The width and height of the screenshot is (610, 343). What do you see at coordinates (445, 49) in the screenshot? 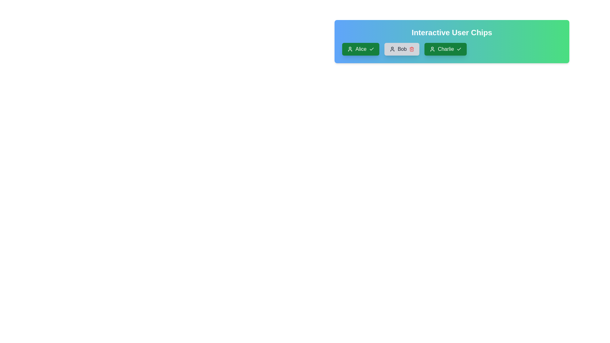
I see `the user chip labeled Charlie` at bounding box center [445, 49].